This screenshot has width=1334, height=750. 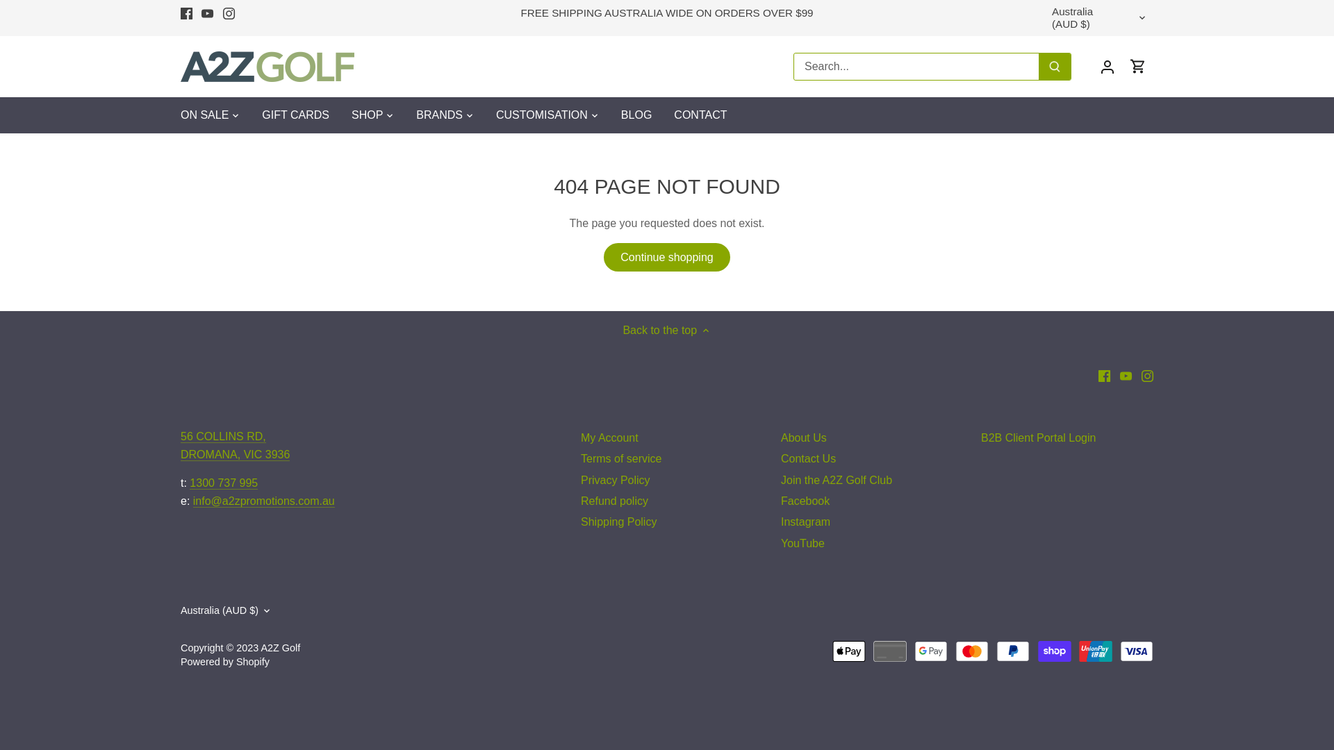 I want to click on 'SHOP', so click(x=367, y=115).